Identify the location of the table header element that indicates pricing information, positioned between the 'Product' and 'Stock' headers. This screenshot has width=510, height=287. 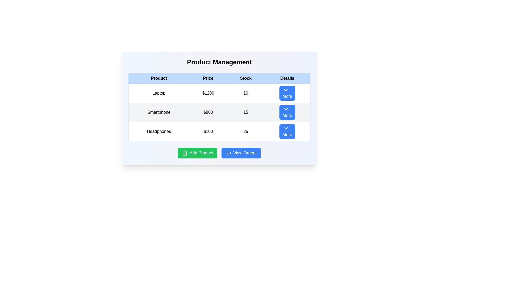
(208, 78).